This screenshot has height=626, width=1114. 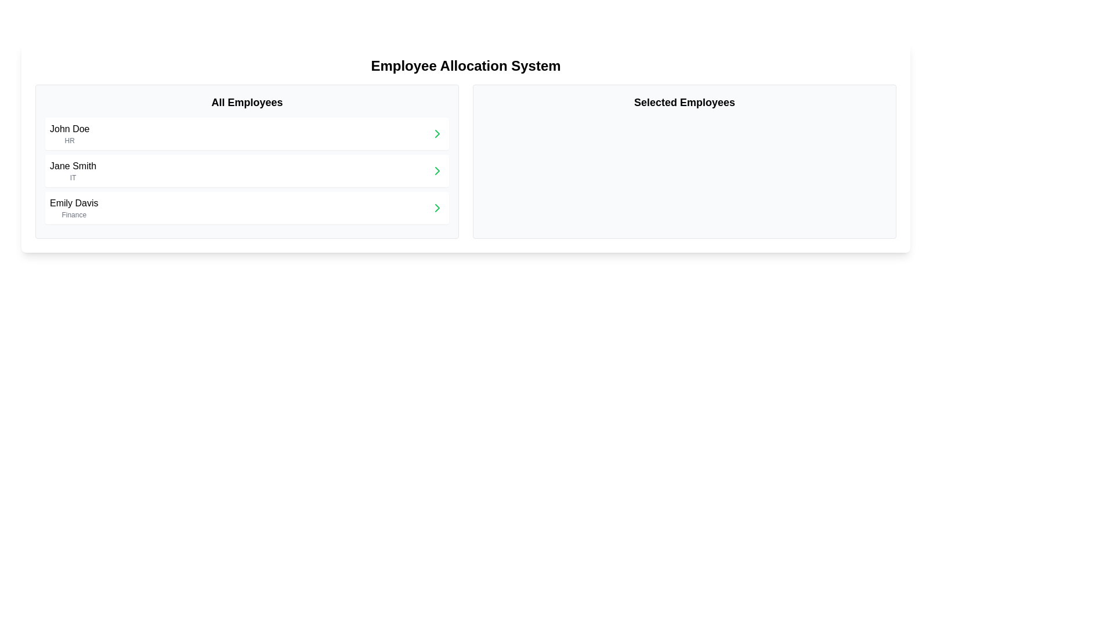 What do you see at coordinates (72, 166) in the screenshot?
I see `the text label identifying 'Jane Smith' within the 'All Employees' panel` at bounding box center [72, 166].